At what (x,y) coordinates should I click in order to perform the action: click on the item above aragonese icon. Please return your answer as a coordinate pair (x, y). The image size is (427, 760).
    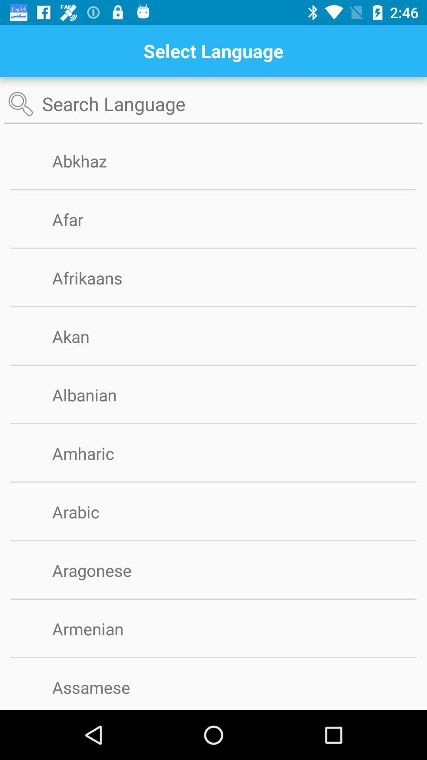
    Looking at the image, I should click on (213, 540).